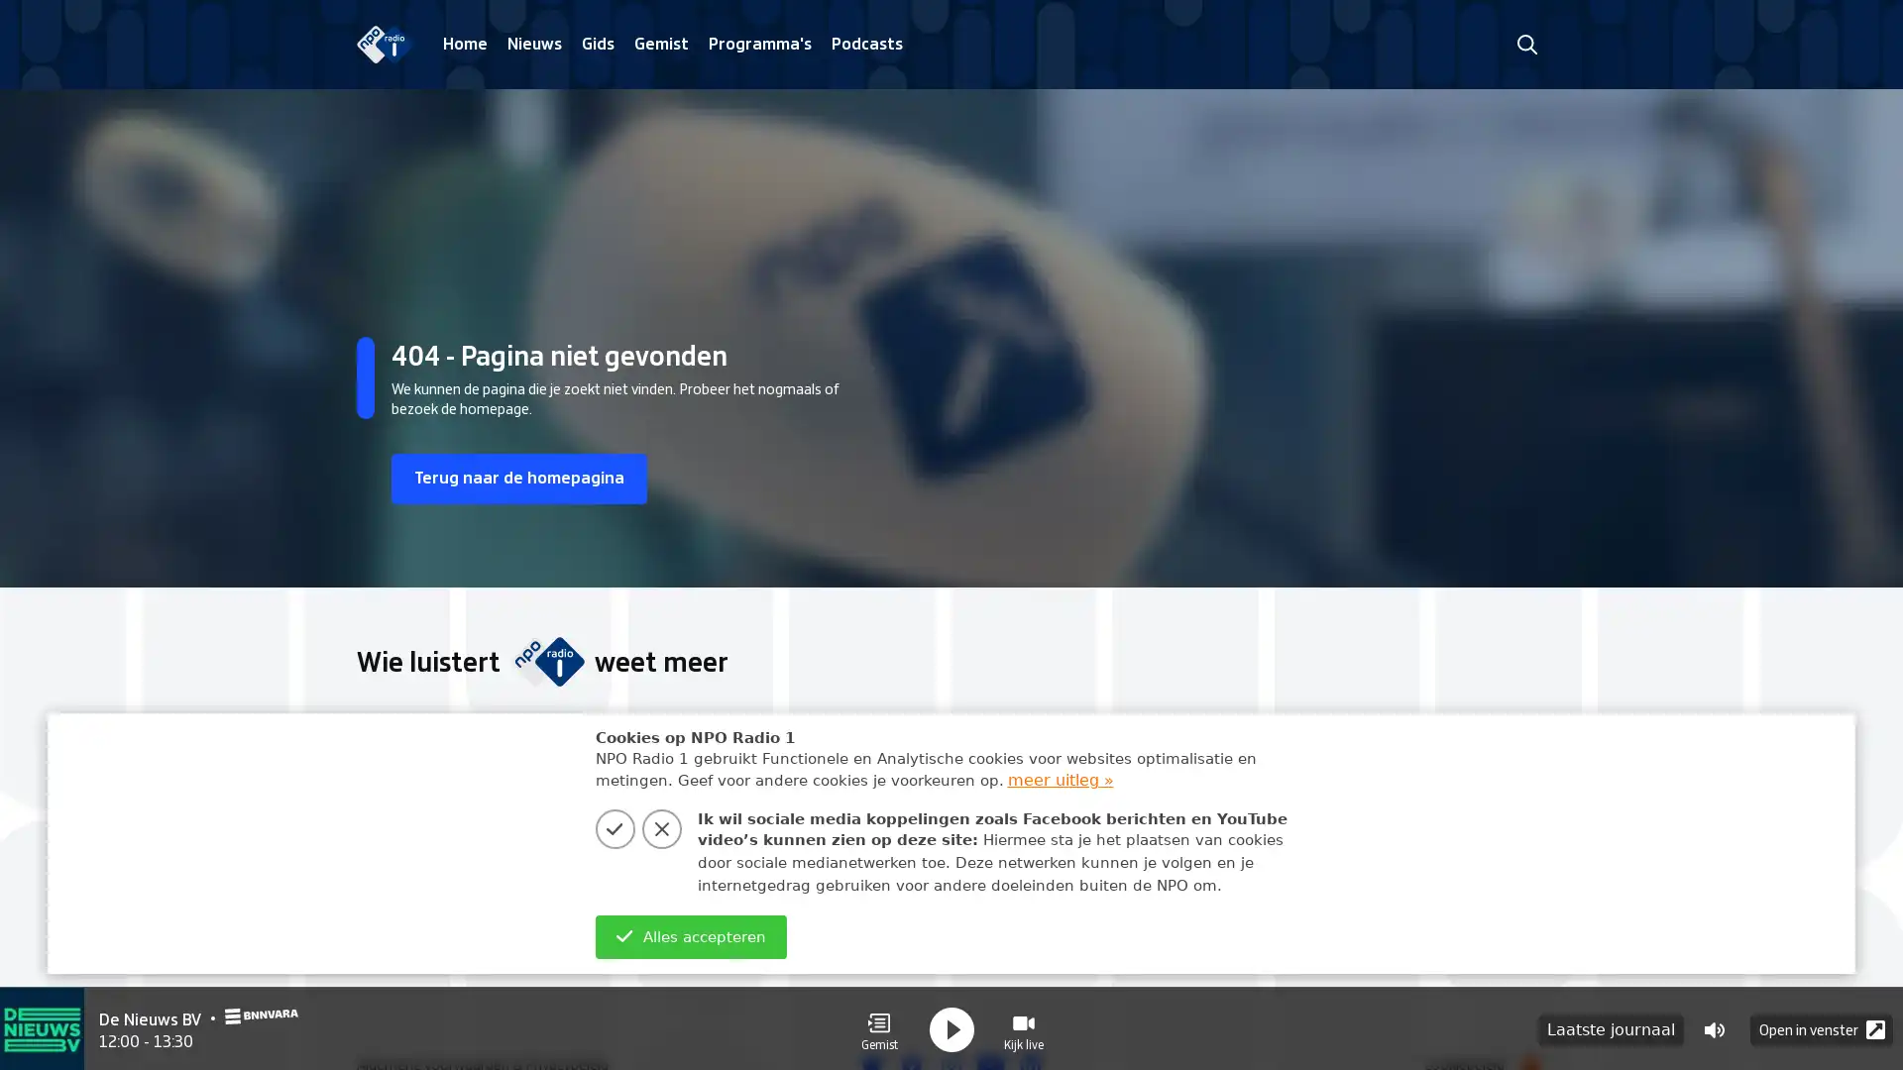 The width and height of the screenshot is (1903, 1070). I want to click on Volume control, so click(1713, 1026).